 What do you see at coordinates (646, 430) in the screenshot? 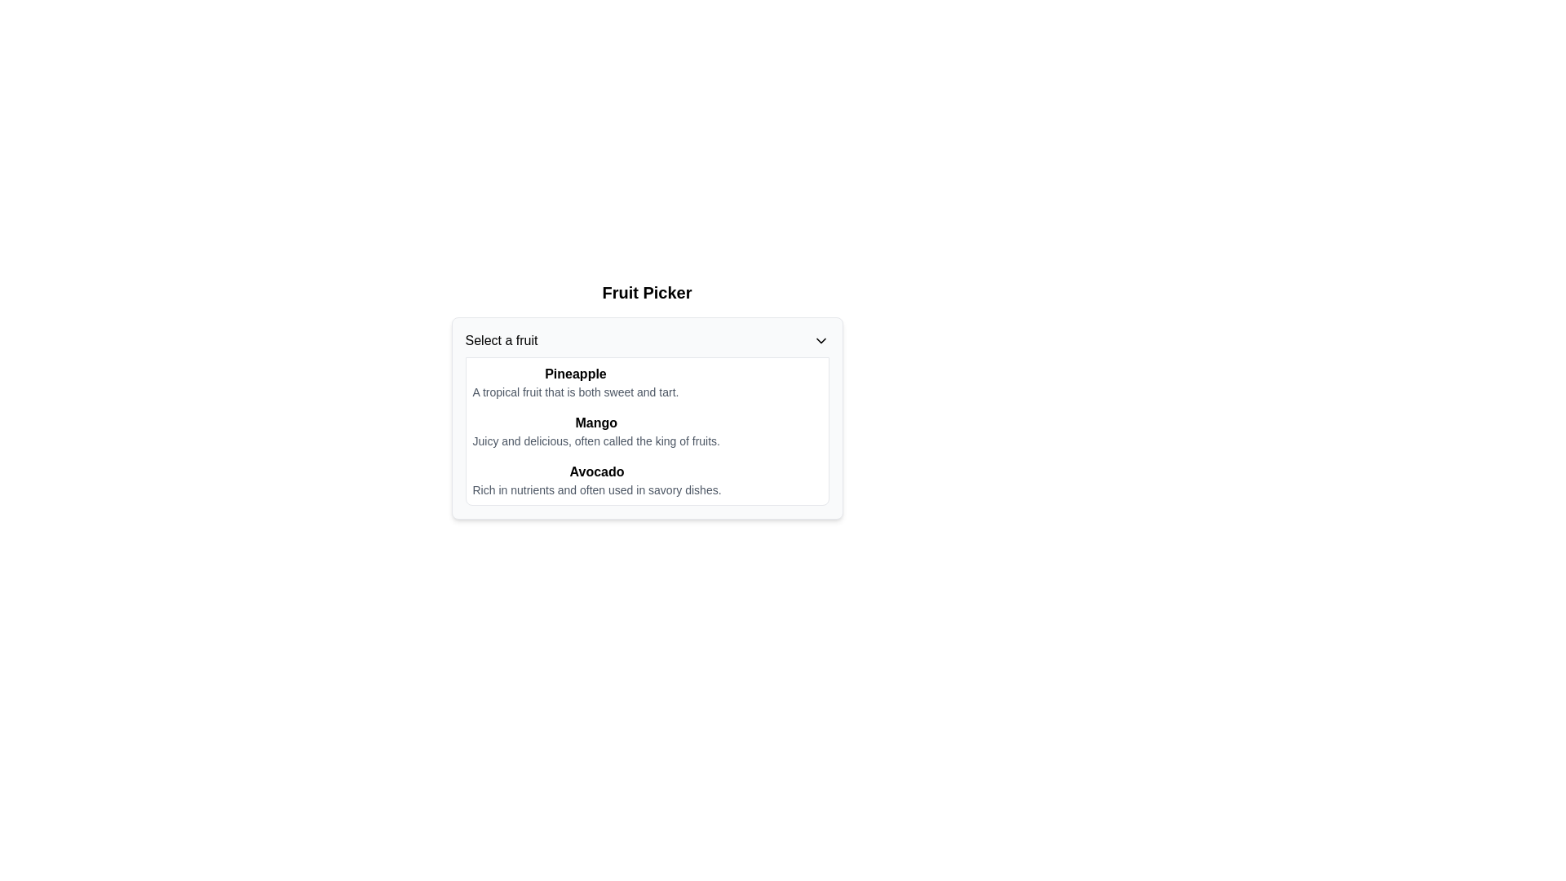
I see `the textual list item titled 'Mango' which describes it as 'Juicy and delicious, often called the king of fruits.'` at bounding box center [646, 430].